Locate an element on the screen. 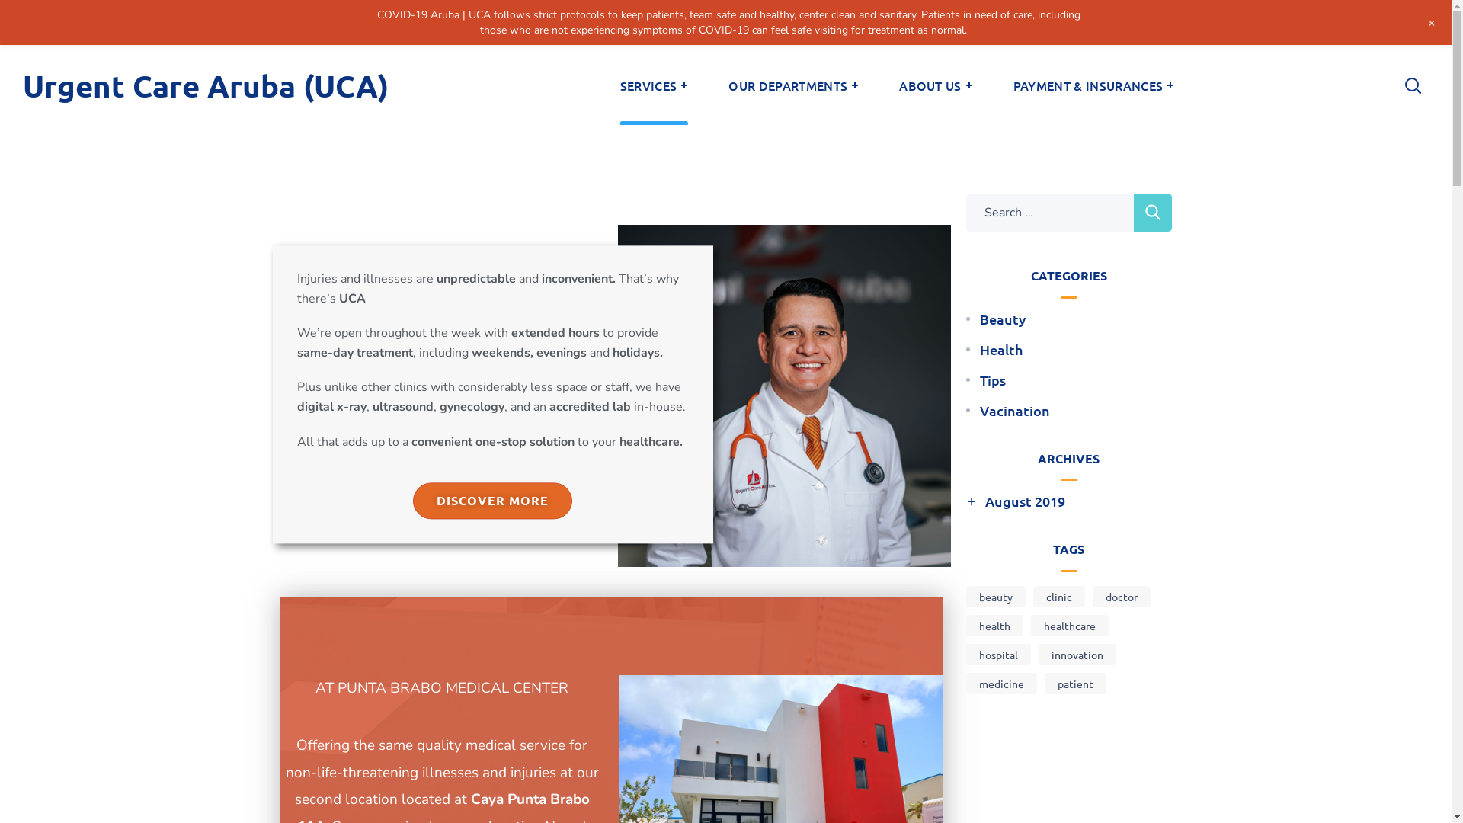  'hospital' is located at coordinates (965, 654).